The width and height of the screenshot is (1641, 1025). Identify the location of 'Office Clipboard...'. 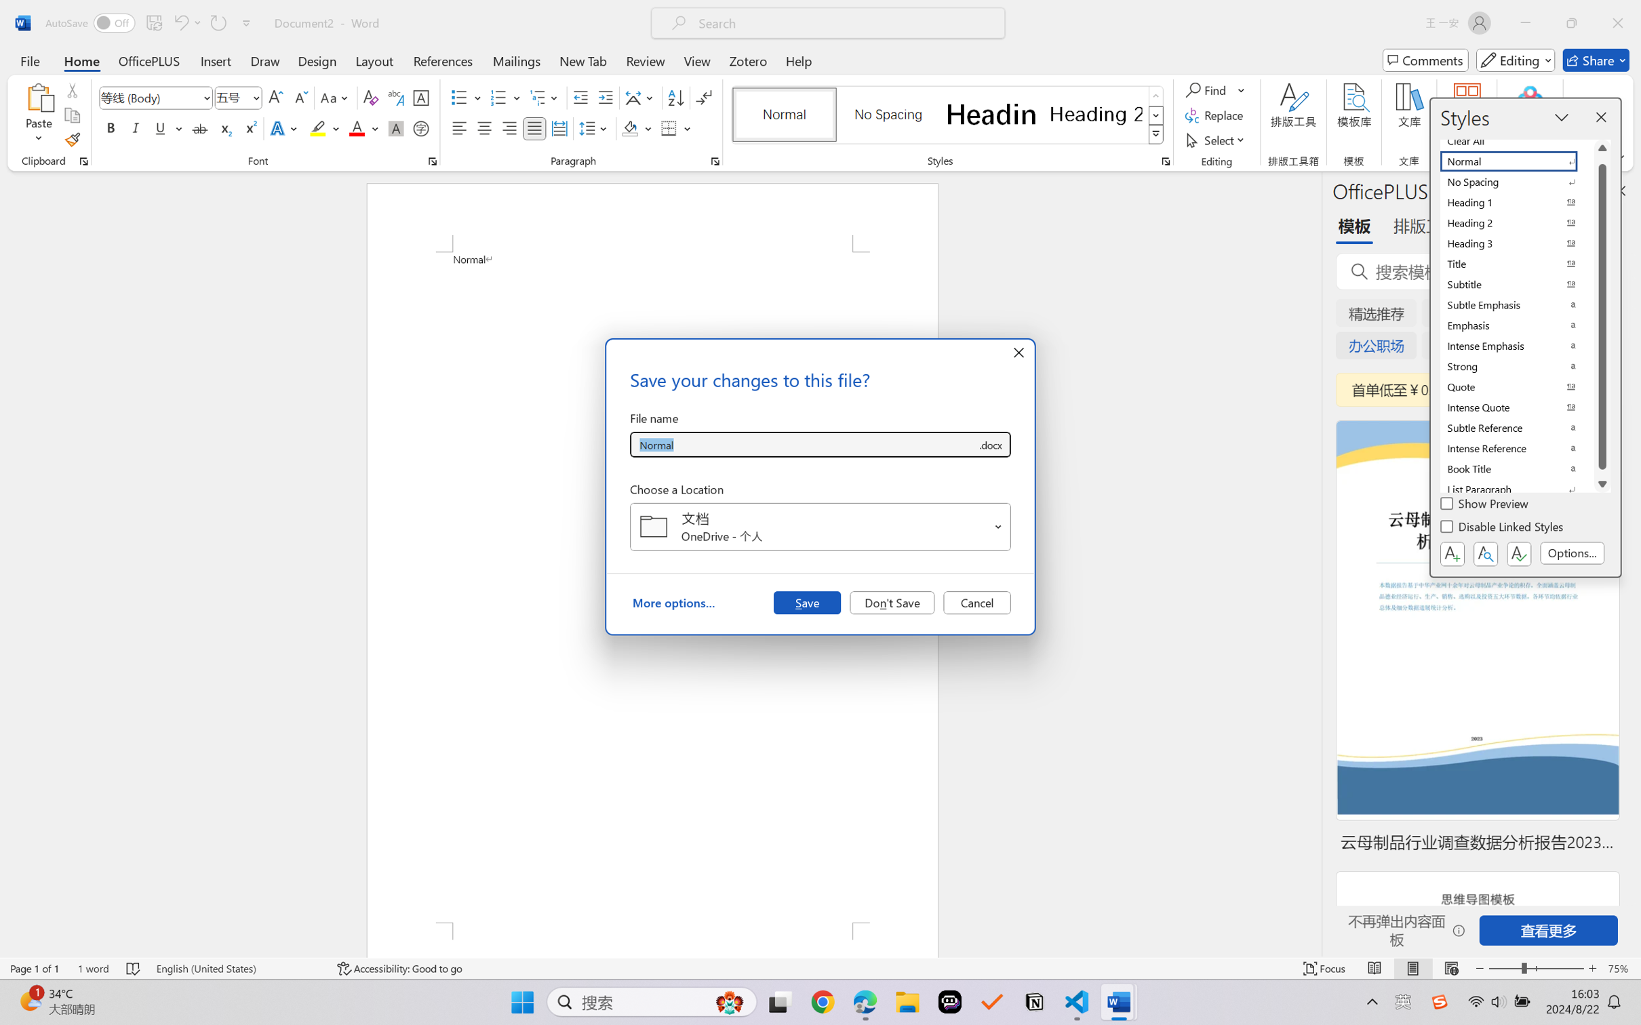
(83, 161).